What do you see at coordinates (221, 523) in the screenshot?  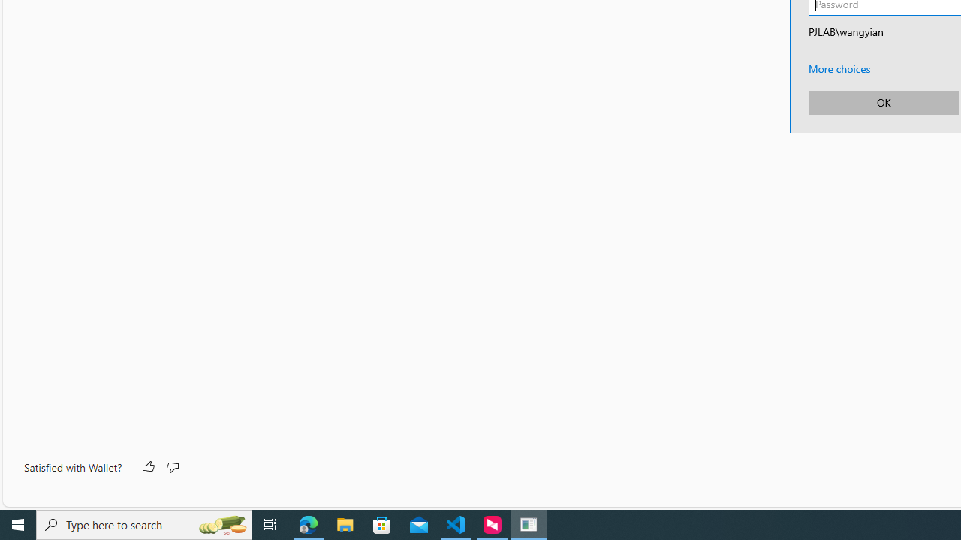 I see `'Search highlights icon opens search home window'` at bounding box center [221, 523].